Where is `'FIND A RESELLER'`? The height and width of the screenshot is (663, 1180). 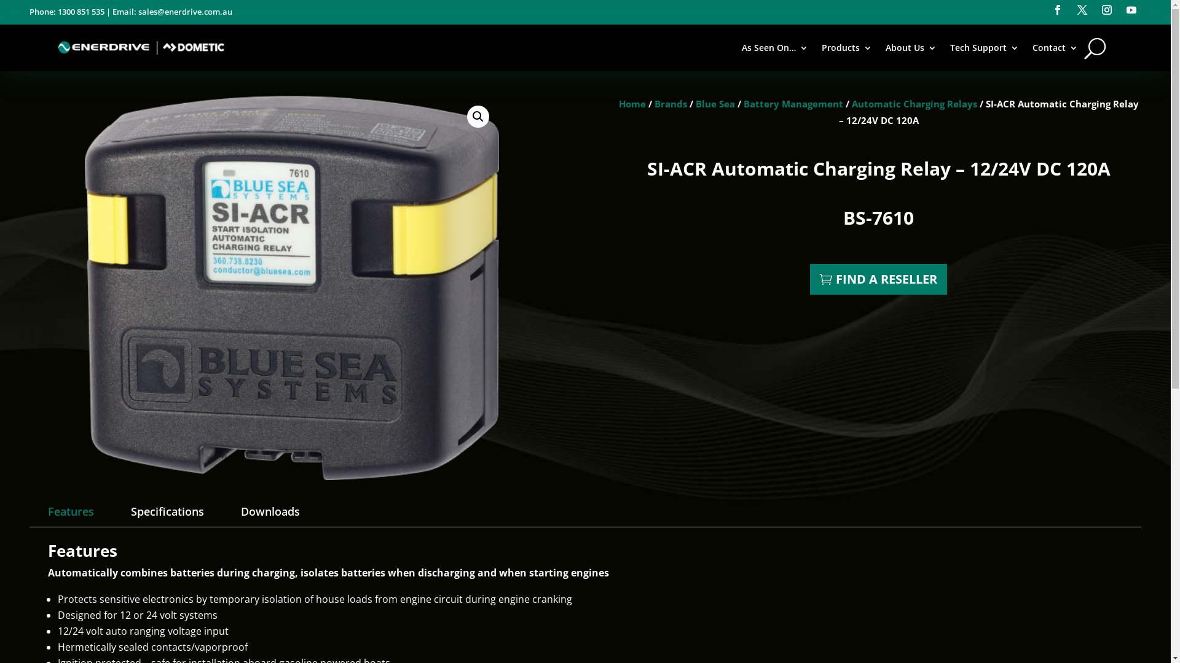 'FIND A RESELLER' is located at coordinates (878, 279).